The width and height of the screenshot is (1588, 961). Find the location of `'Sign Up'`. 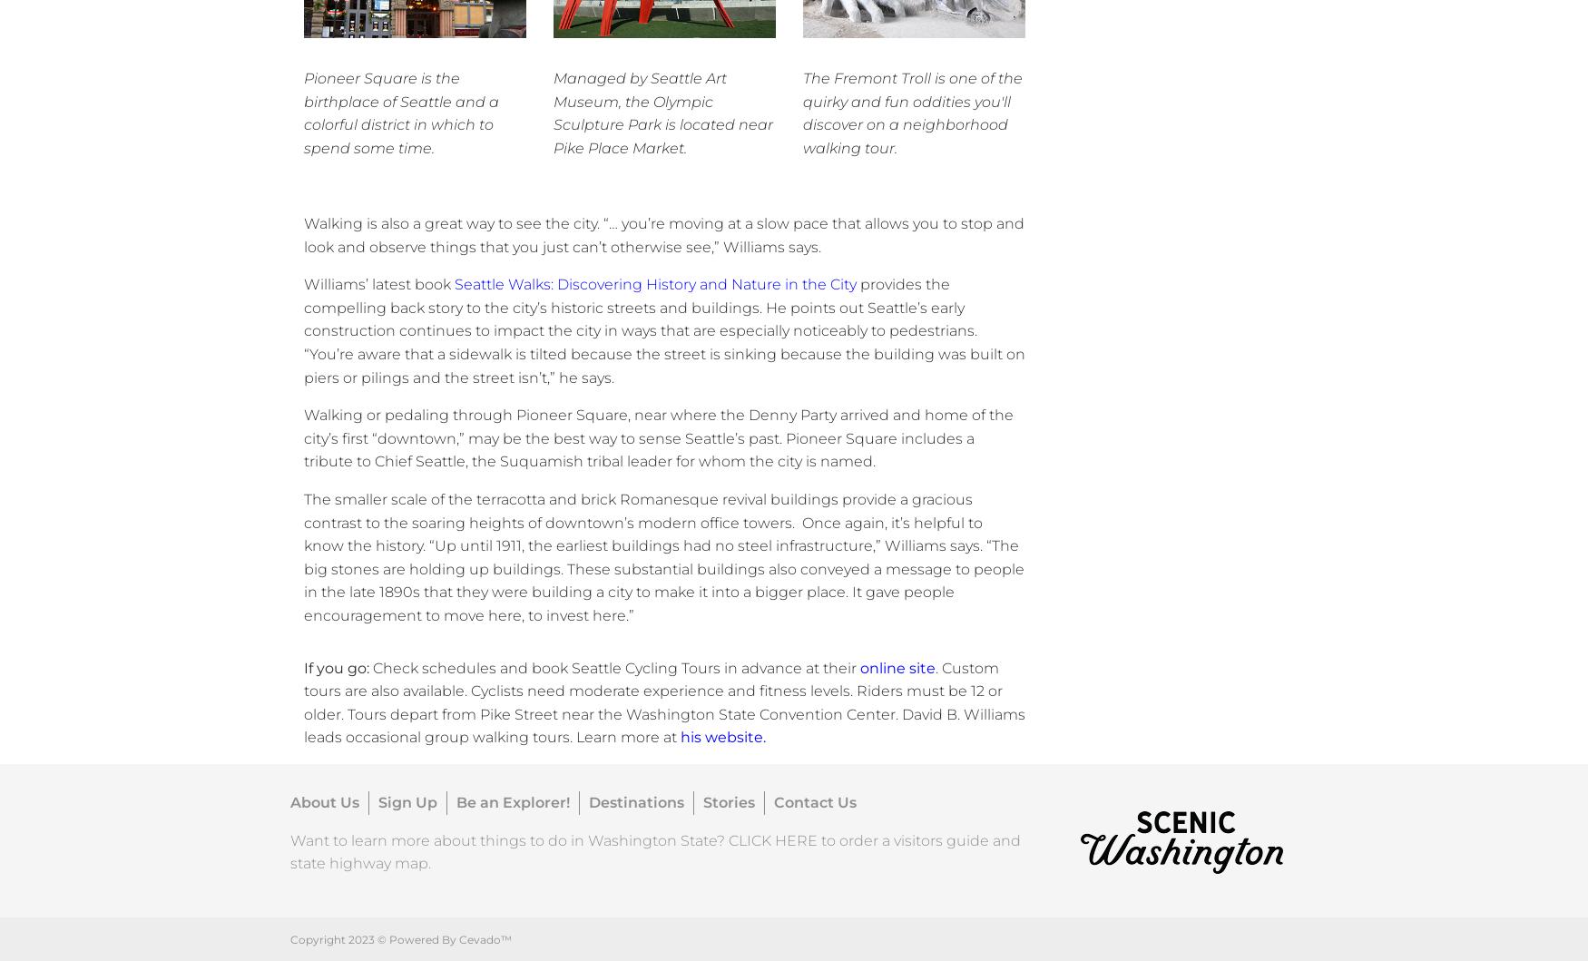

'Sign Up' is located at coordinates (407, 801).